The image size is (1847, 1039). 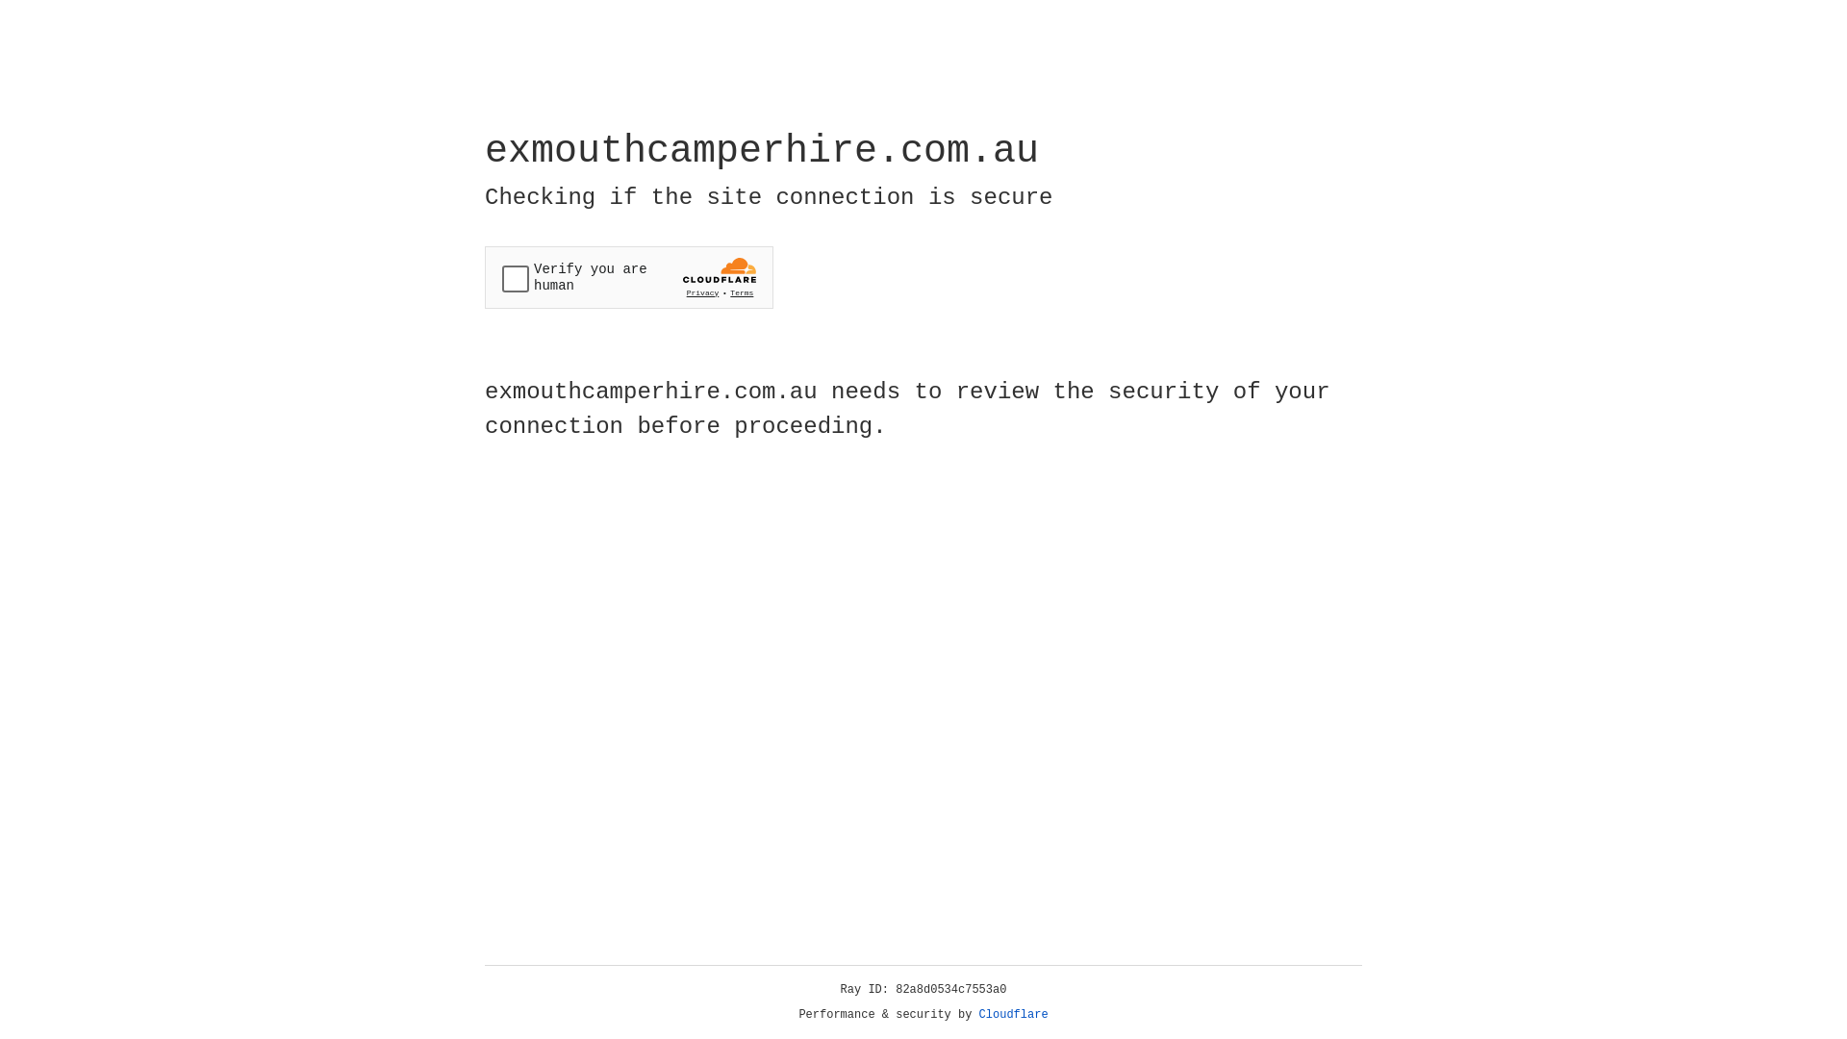 I want to click on 'Cloudflare', so click(x=1013, y=1014).